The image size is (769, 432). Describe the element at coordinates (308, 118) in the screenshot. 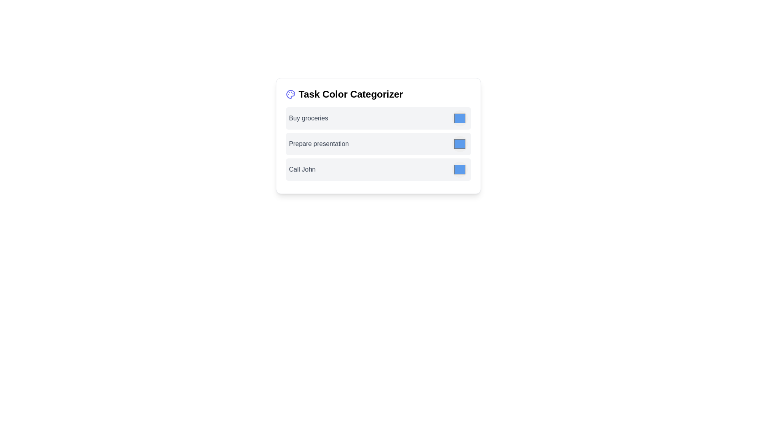

I see `the static text displaying 'Buy groceries' that is styled in gray color and located near the top of a horizontal panel with a light gray background` at that location.